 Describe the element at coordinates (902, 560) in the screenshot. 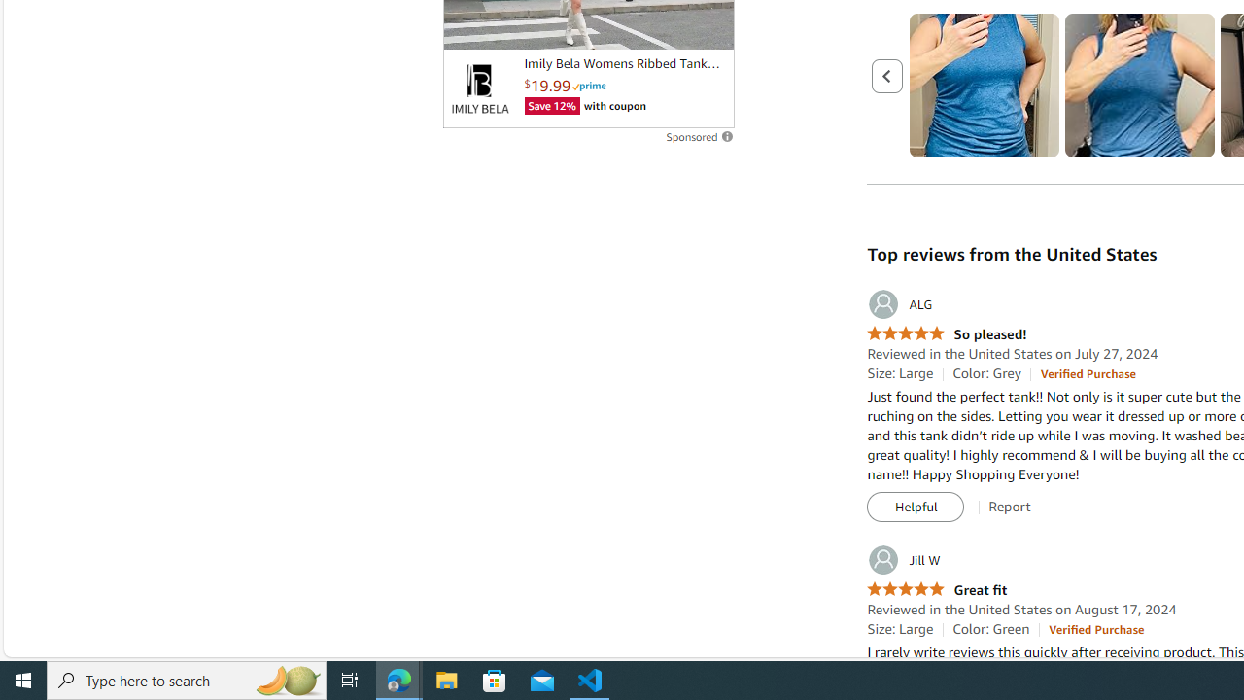

I see `'Jill W'` at that location.